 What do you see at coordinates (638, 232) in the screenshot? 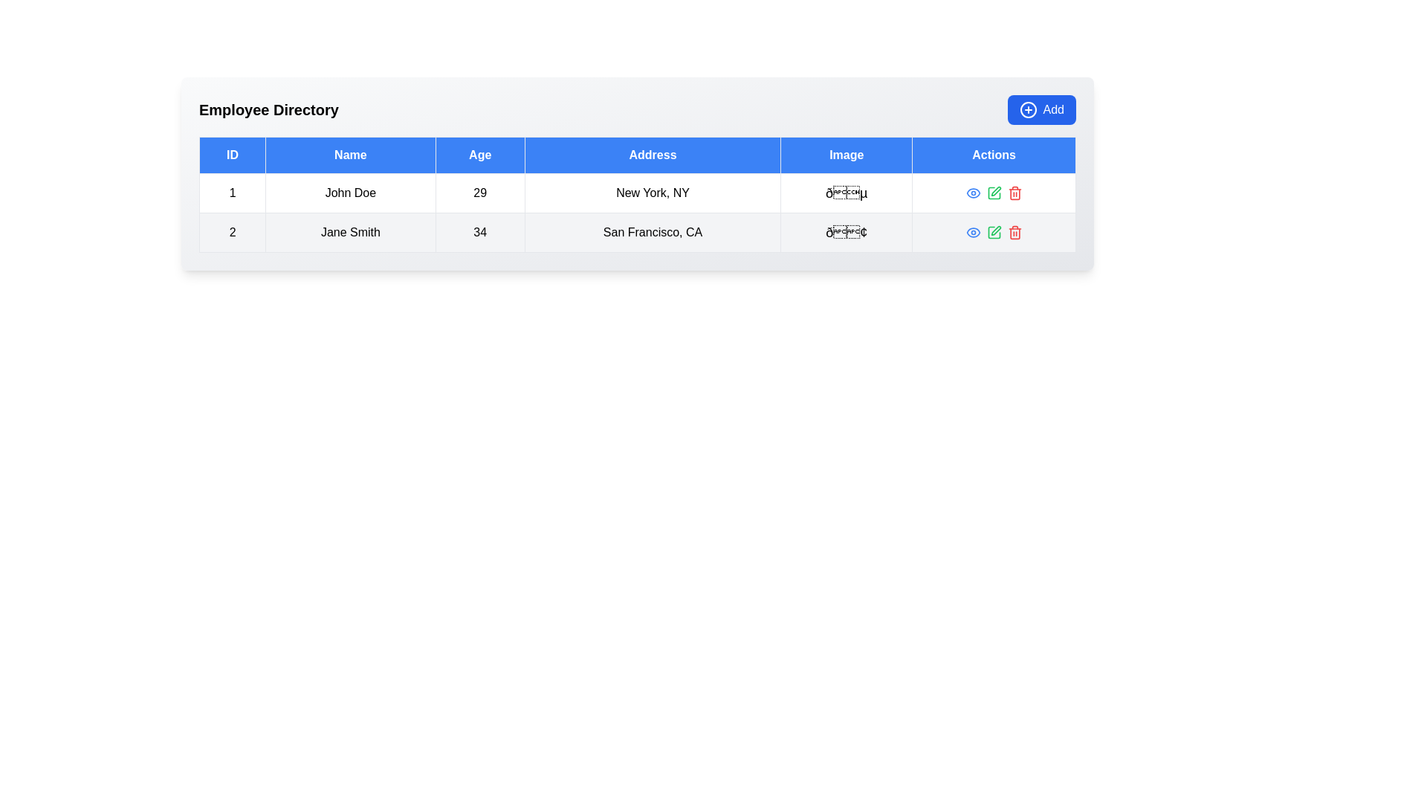
I see `information displayed in the second row of the data table, which includes ID '2', Name 'Jane Smith', Age '34', and Address 'San Francisco, CA'` at bounding box center [638, 232].